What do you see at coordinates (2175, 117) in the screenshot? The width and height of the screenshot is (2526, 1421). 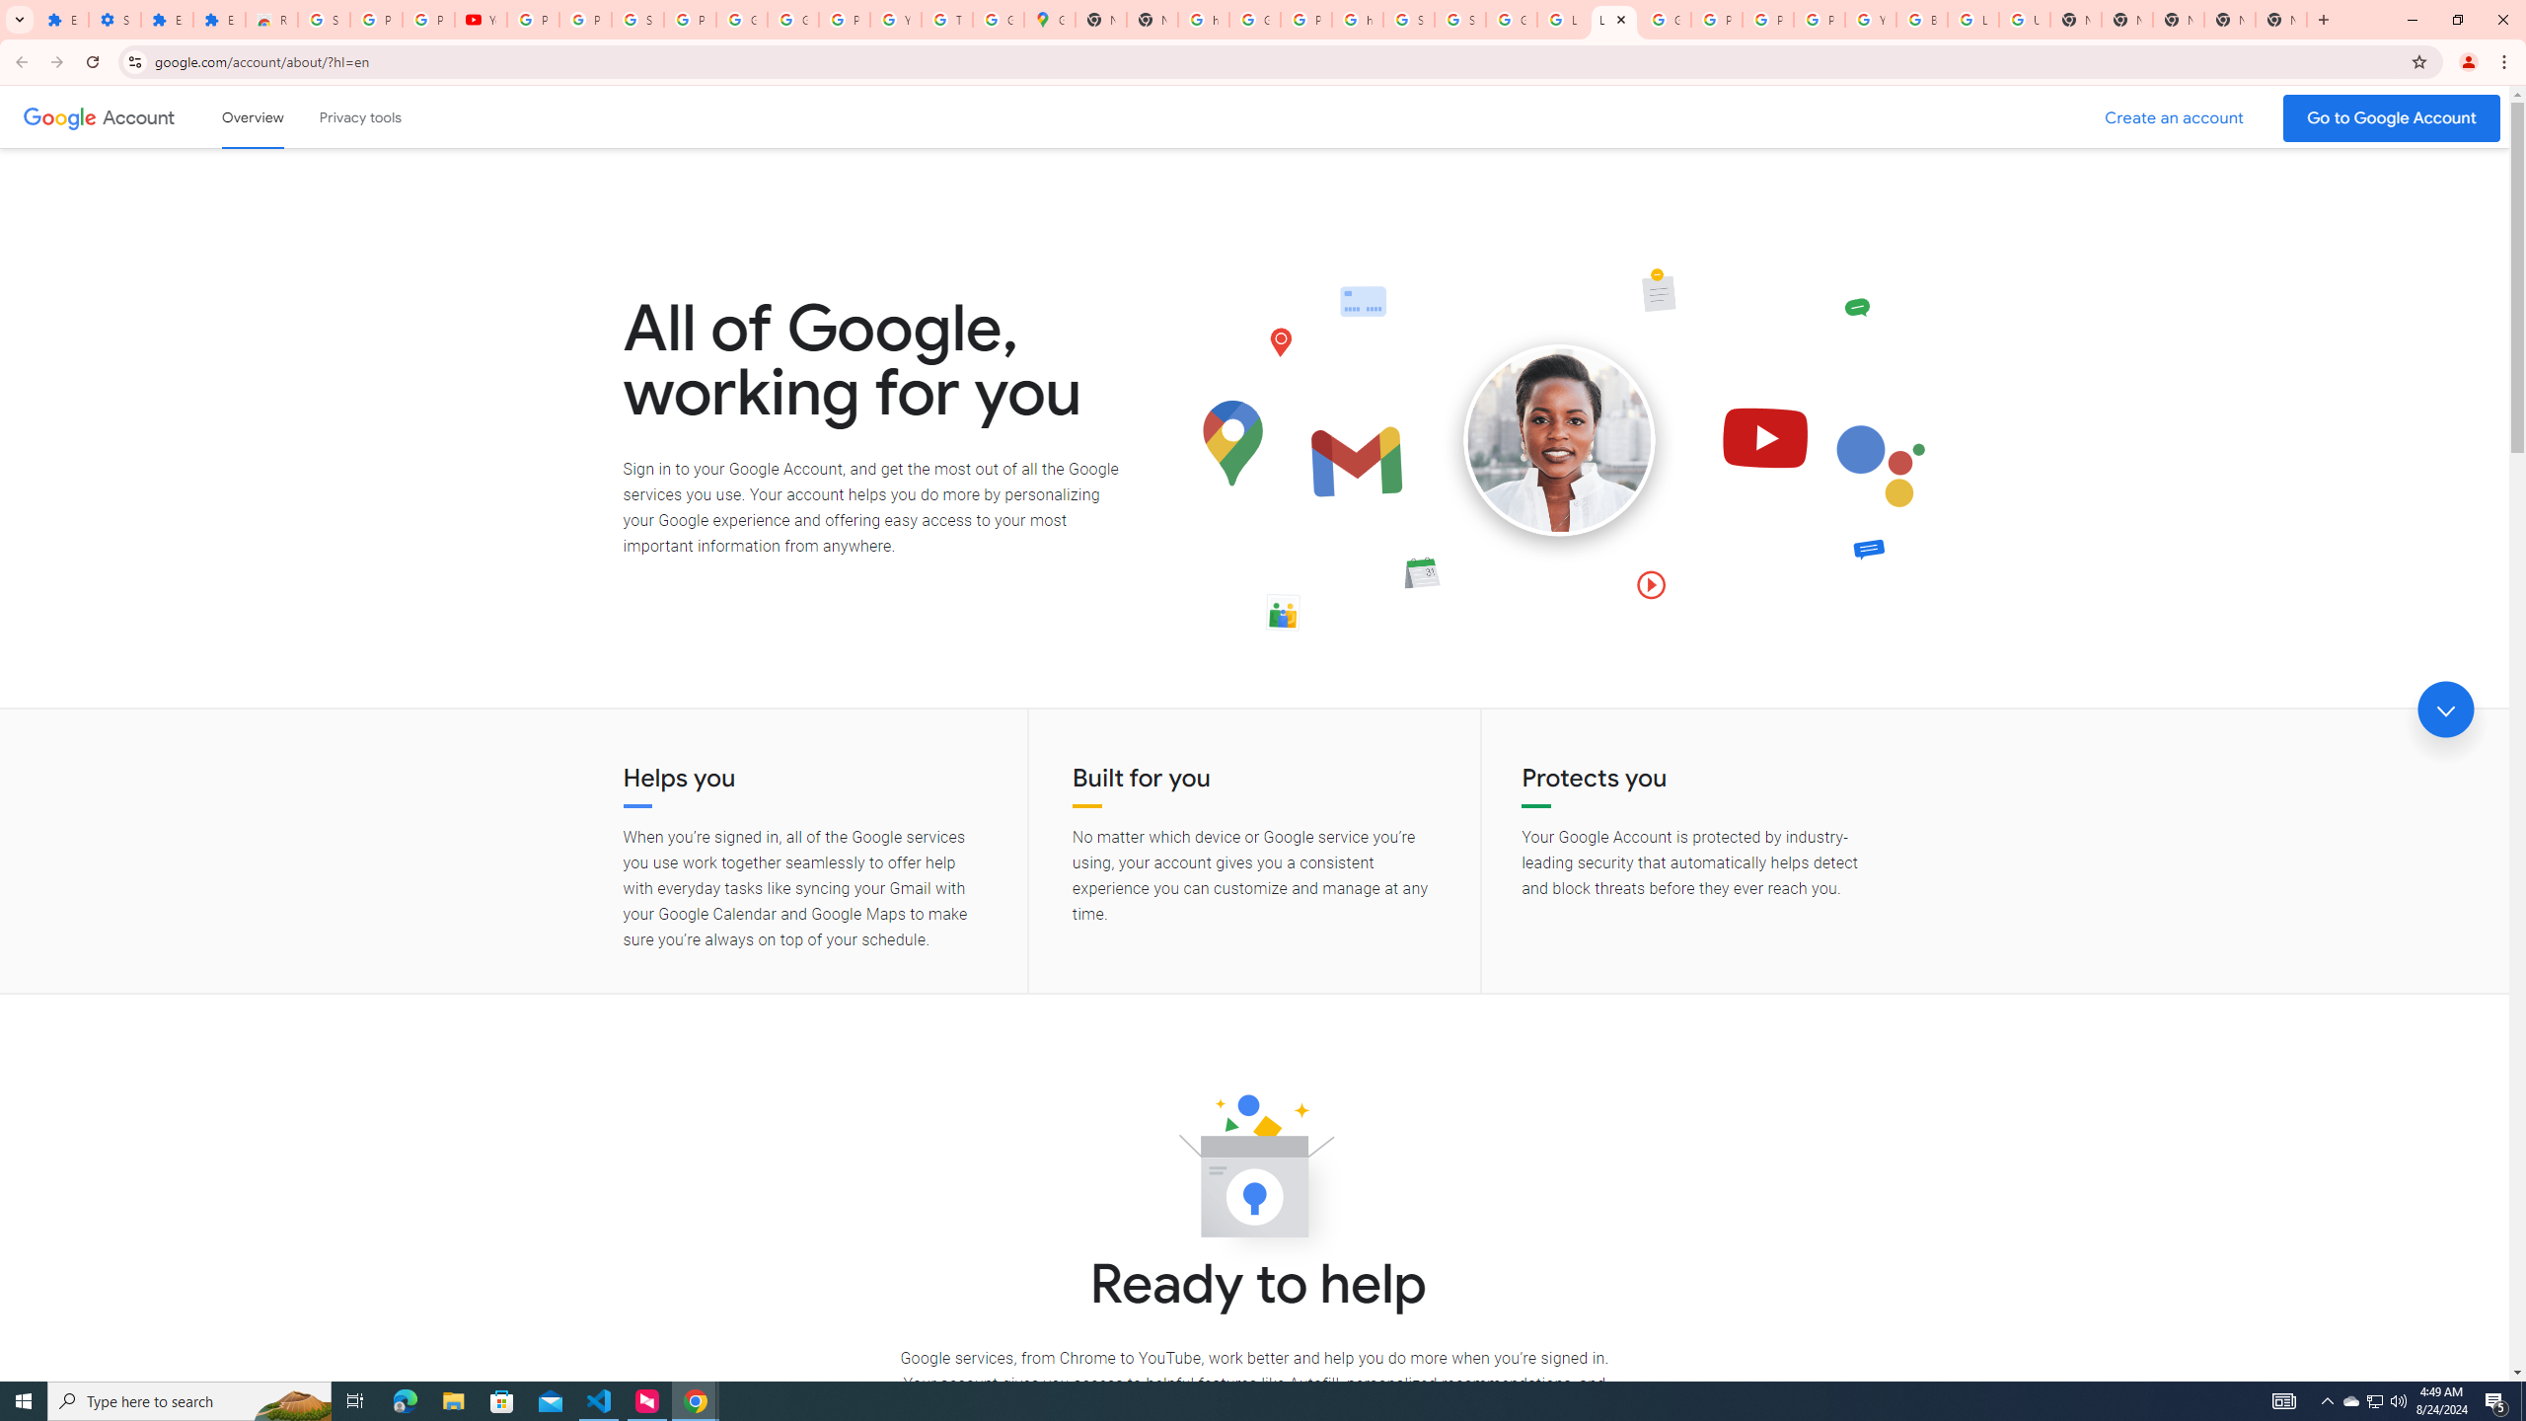 I see `'Create a Google Account'` at bounding box center [2175, 117].